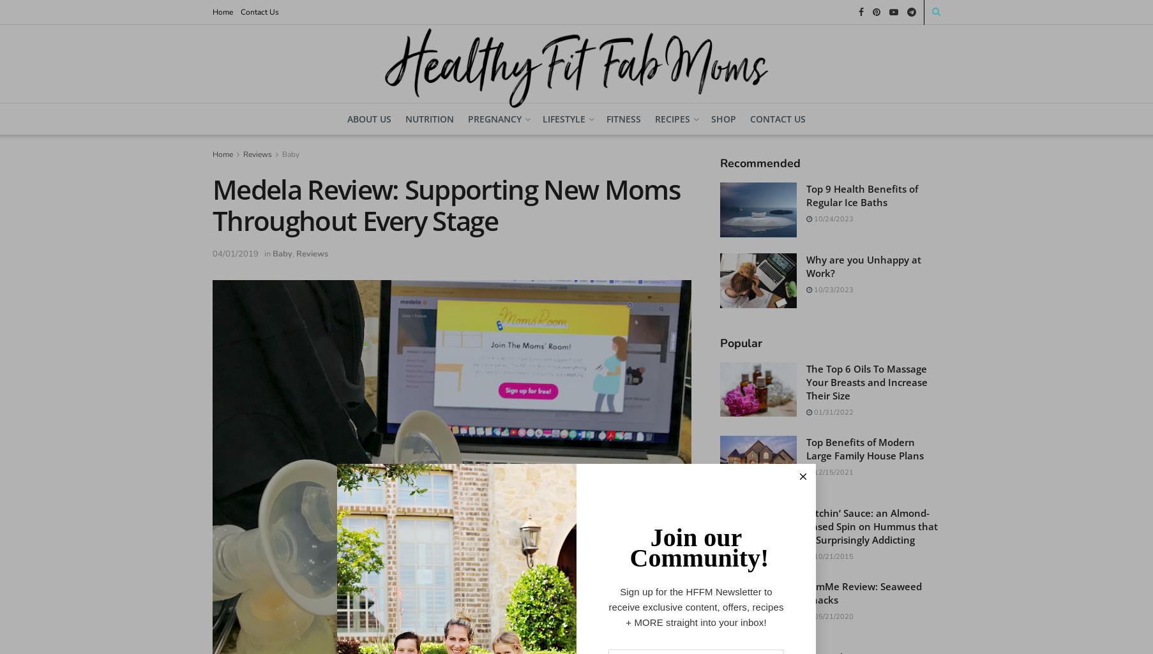 The image size is (1153, 654). What do you see at coordinates (832, 616) in the screenshot?
I see `'05/21/2020'` at bounding box center [832, 616].